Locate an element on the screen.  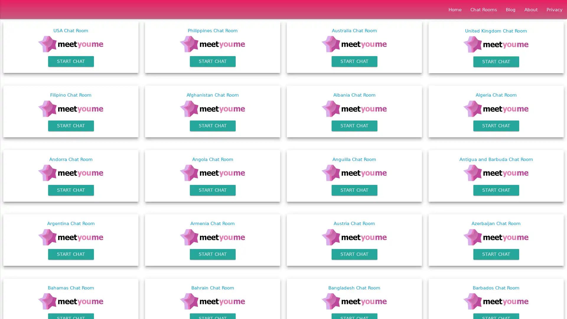
START CHAT is located at coordinates (496, 125).